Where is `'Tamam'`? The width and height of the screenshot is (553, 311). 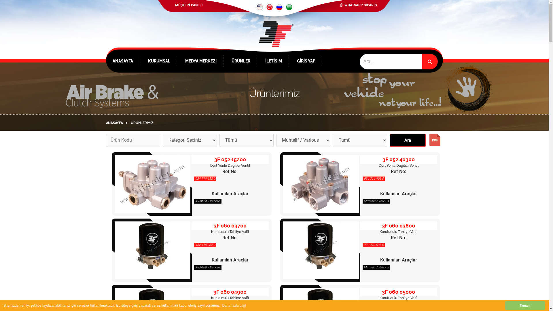 'Tamam' is located at coordinates (525, 305).